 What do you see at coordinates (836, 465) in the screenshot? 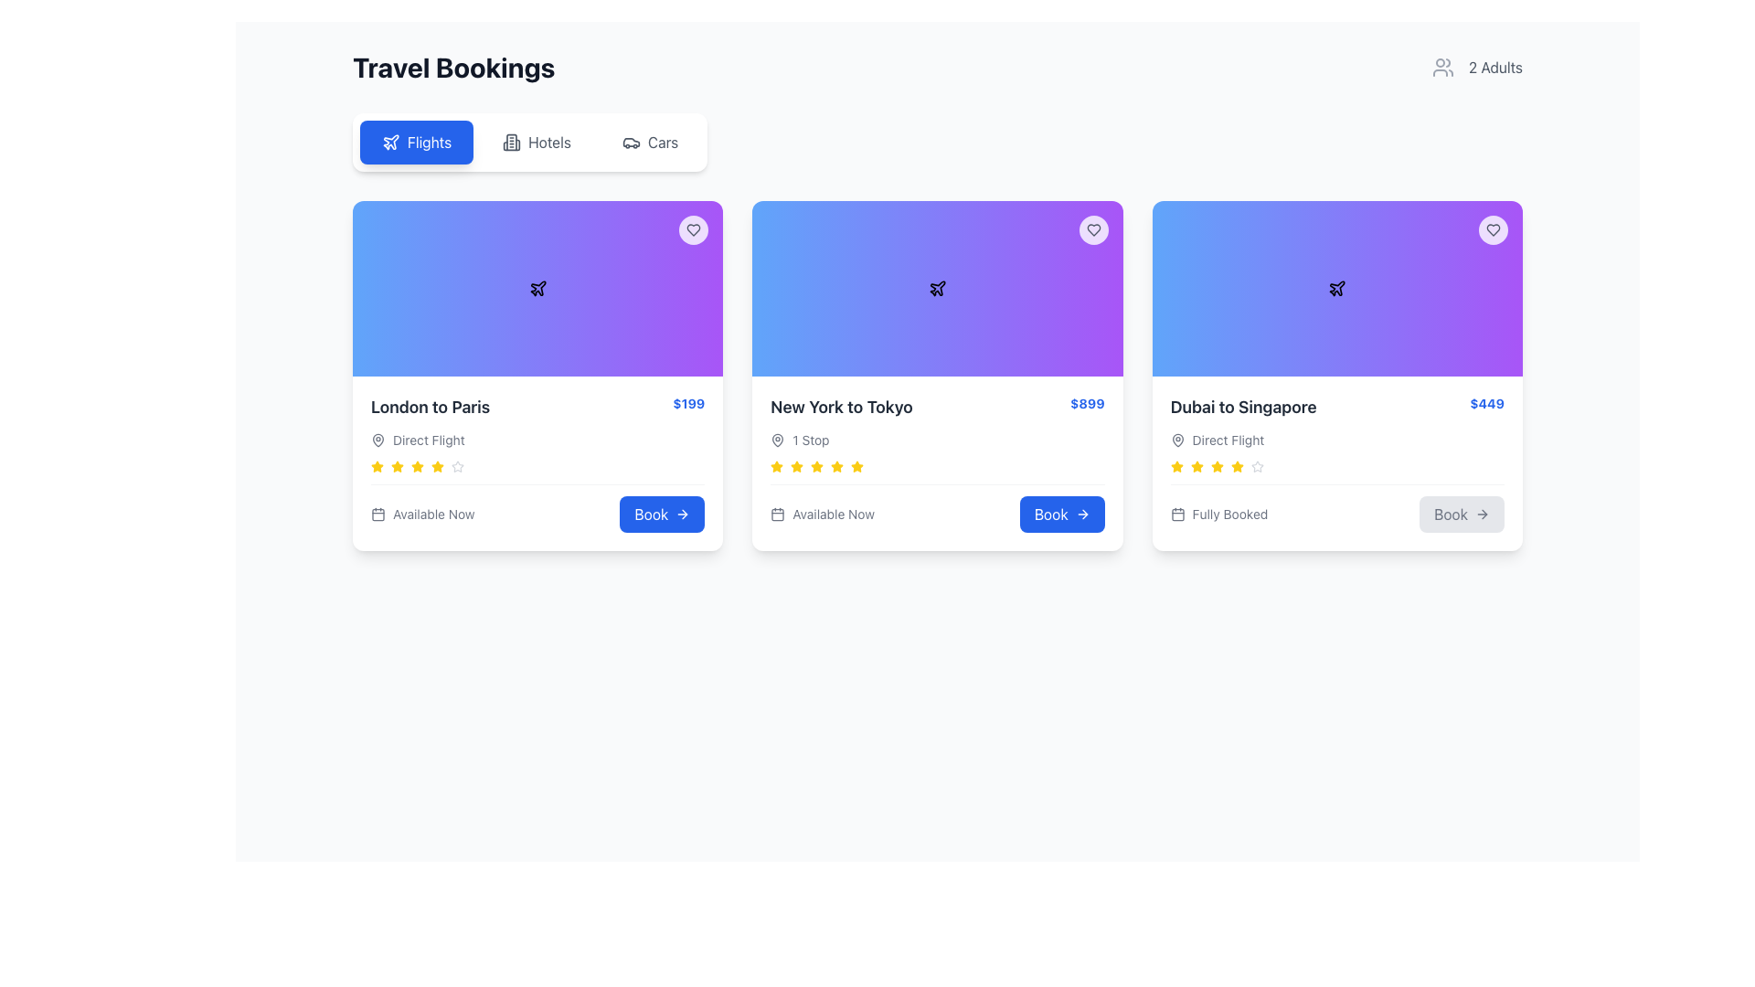
I see `the fifth yellow star in the 5-star rating system for the 'New York to Tokyo' card to interact with the rating system` at bounding box center [836, 465].